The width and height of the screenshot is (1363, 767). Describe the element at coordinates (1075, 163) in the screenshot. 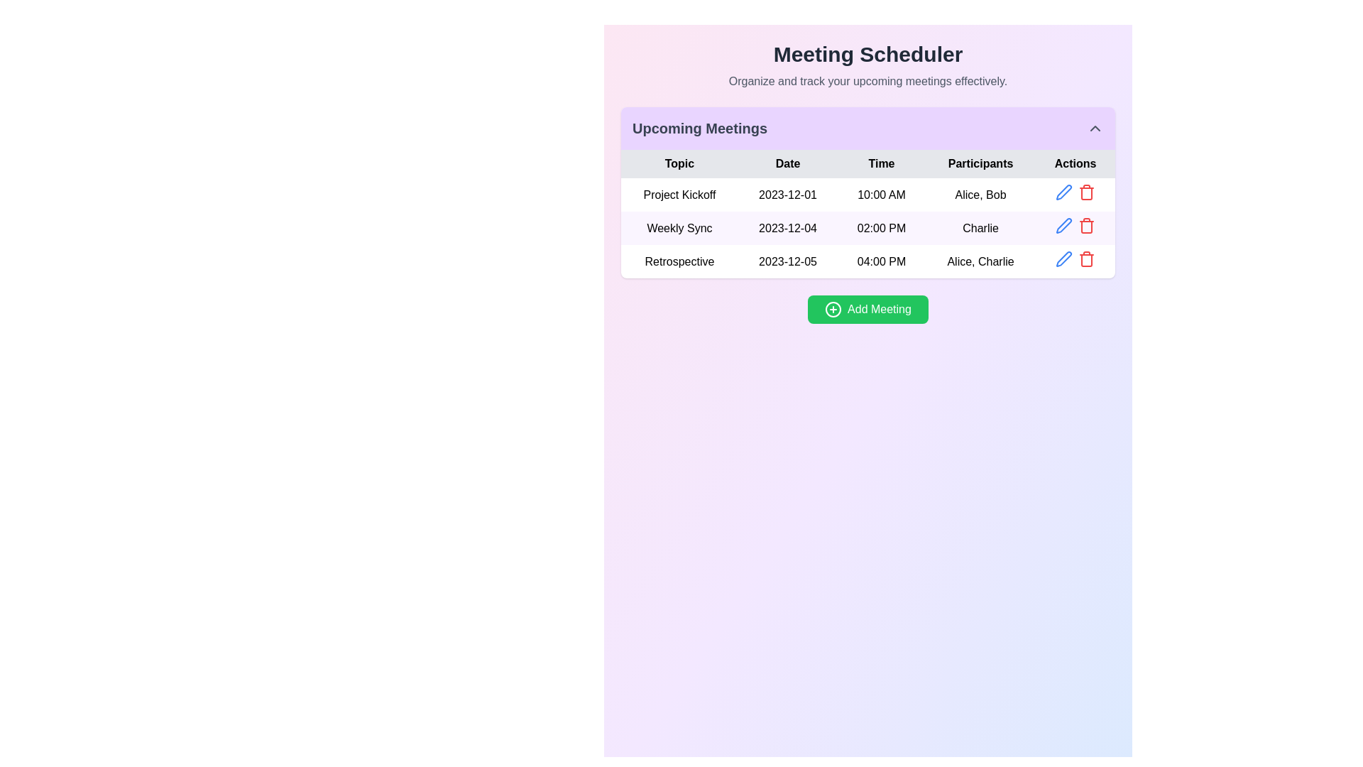

I see `the header label of the last column in the table, which likely contains action buttons for each row` at that location.